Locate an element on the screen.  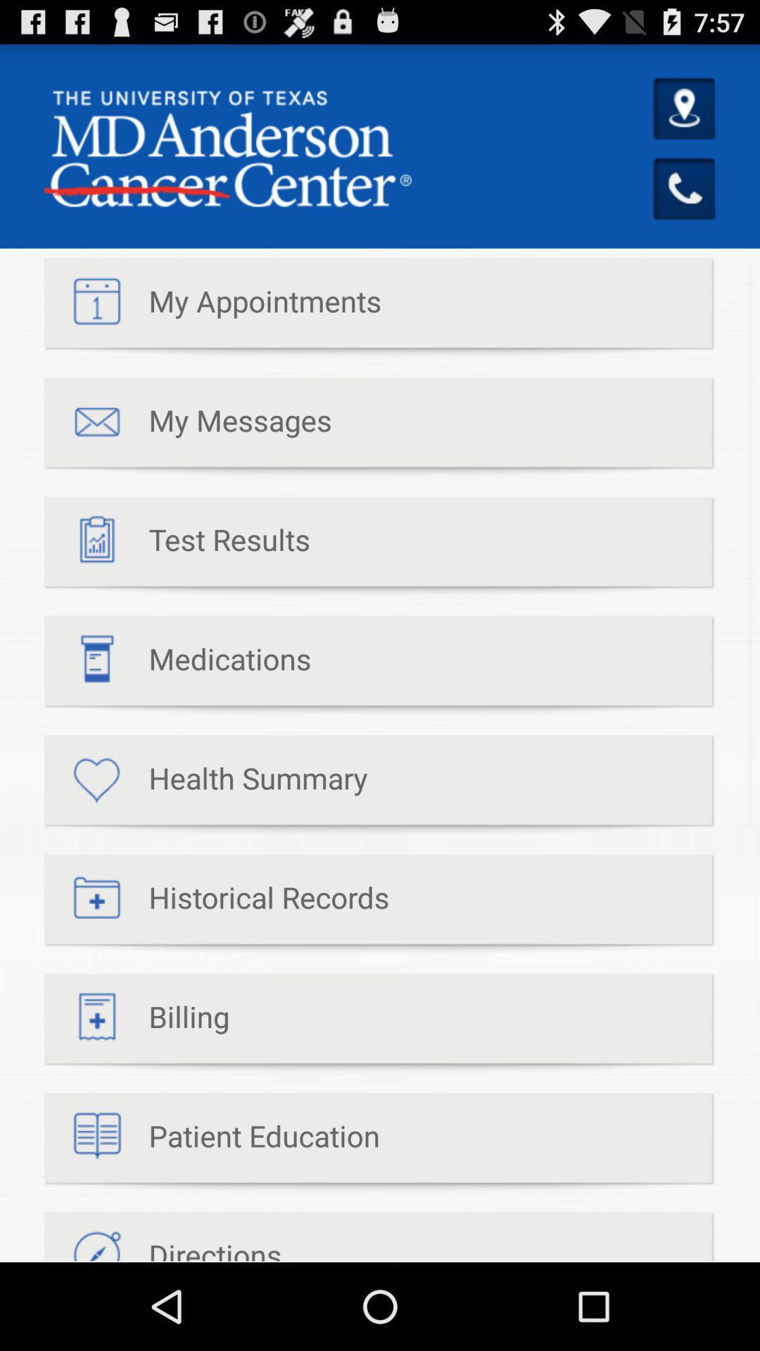
item below the test results icon is located at coordinates (177, 665).